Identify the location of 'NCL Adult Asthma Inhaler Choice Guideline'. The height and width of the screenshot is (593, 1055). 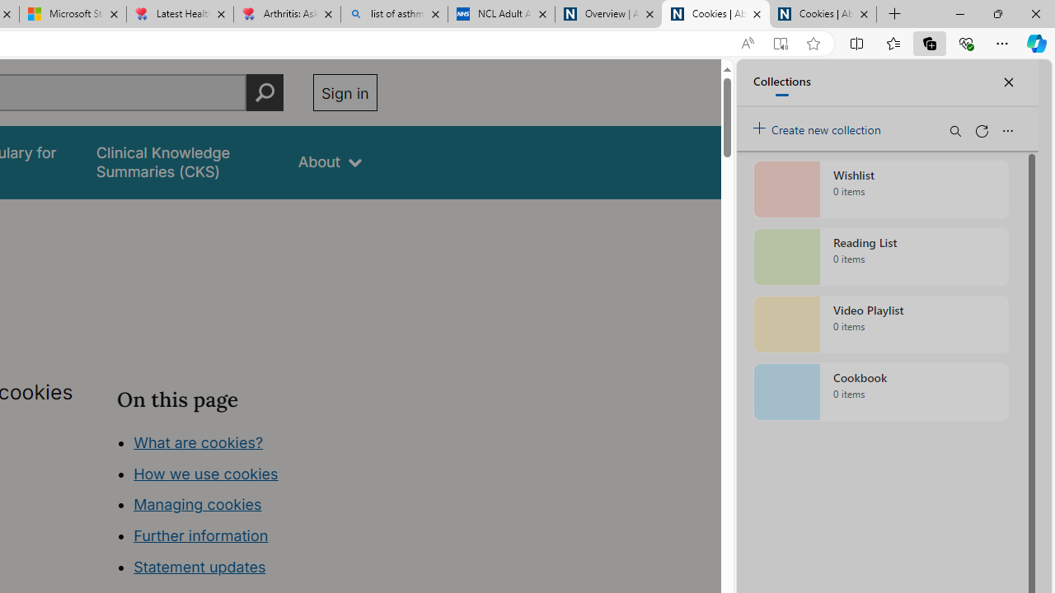
(500, 14).